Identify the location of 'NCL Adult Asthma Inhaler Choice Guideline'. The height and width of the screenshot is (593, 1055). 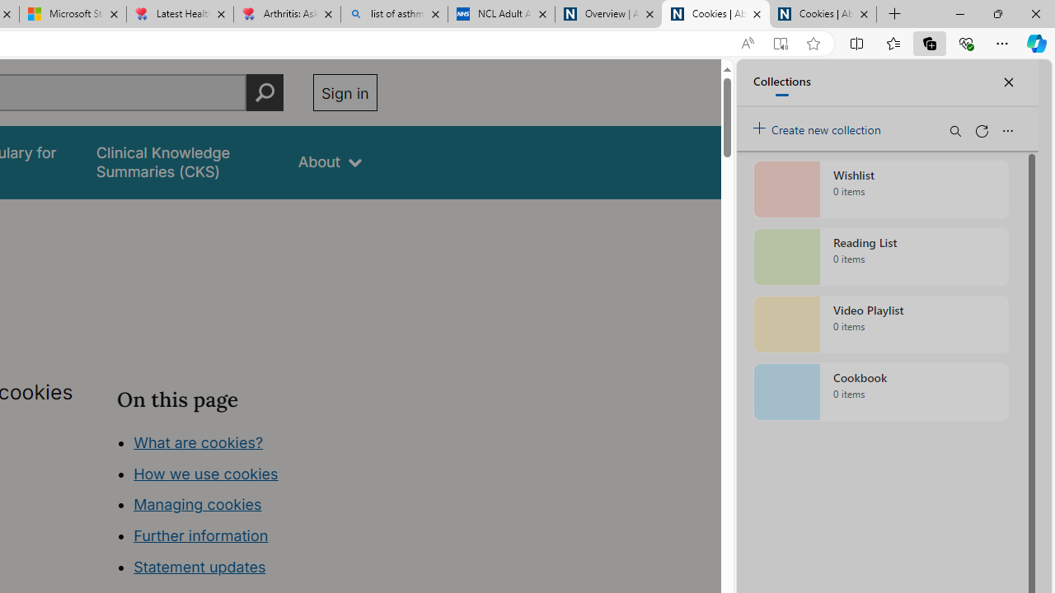
(500, 14).